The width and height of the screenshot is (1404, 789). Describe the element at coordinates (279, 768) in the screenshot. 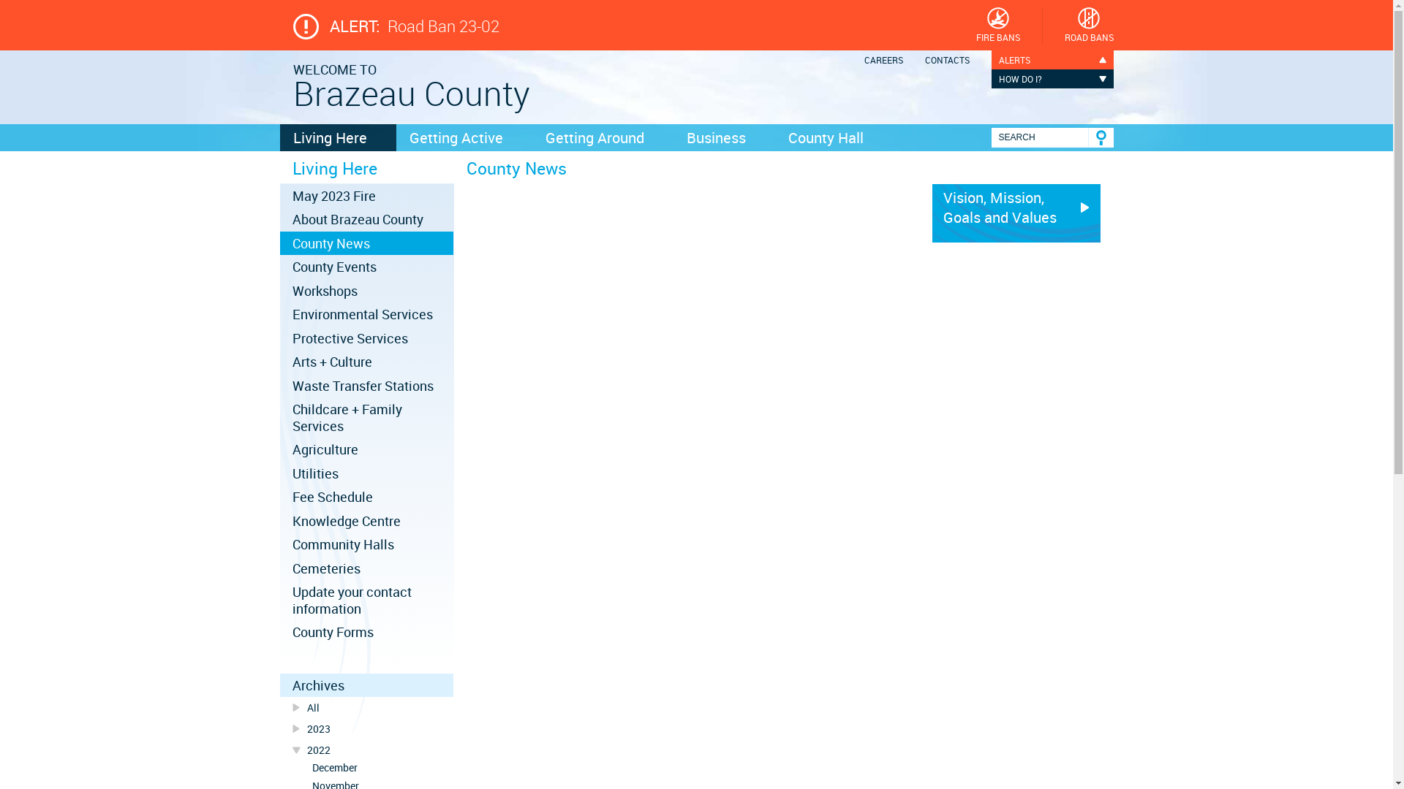

I see `'December'` at that location.